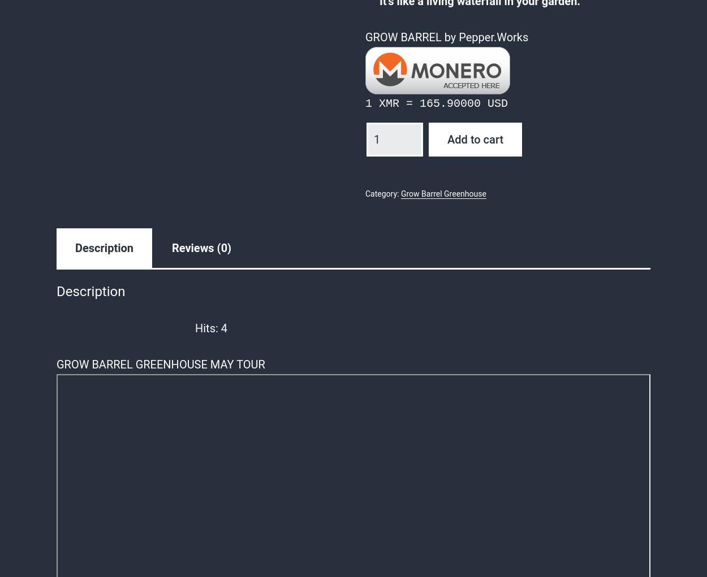 The height and width of the screenshot is (577, 707). What do you see at coordinates (201, 248) in the screenshot?
I see `'Reviews (0)'` at bounding box center [201, 248].